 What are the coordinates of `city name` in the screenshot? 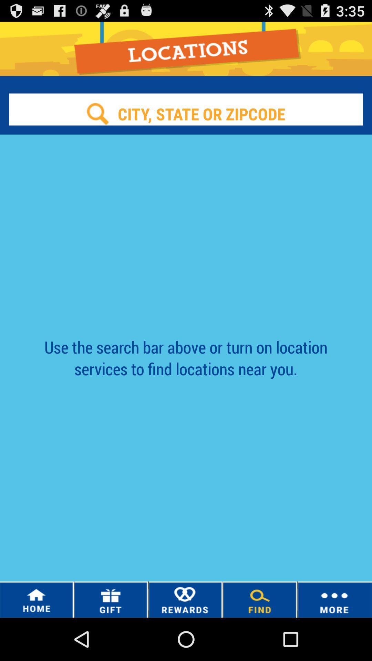 It's located at (185, 114).